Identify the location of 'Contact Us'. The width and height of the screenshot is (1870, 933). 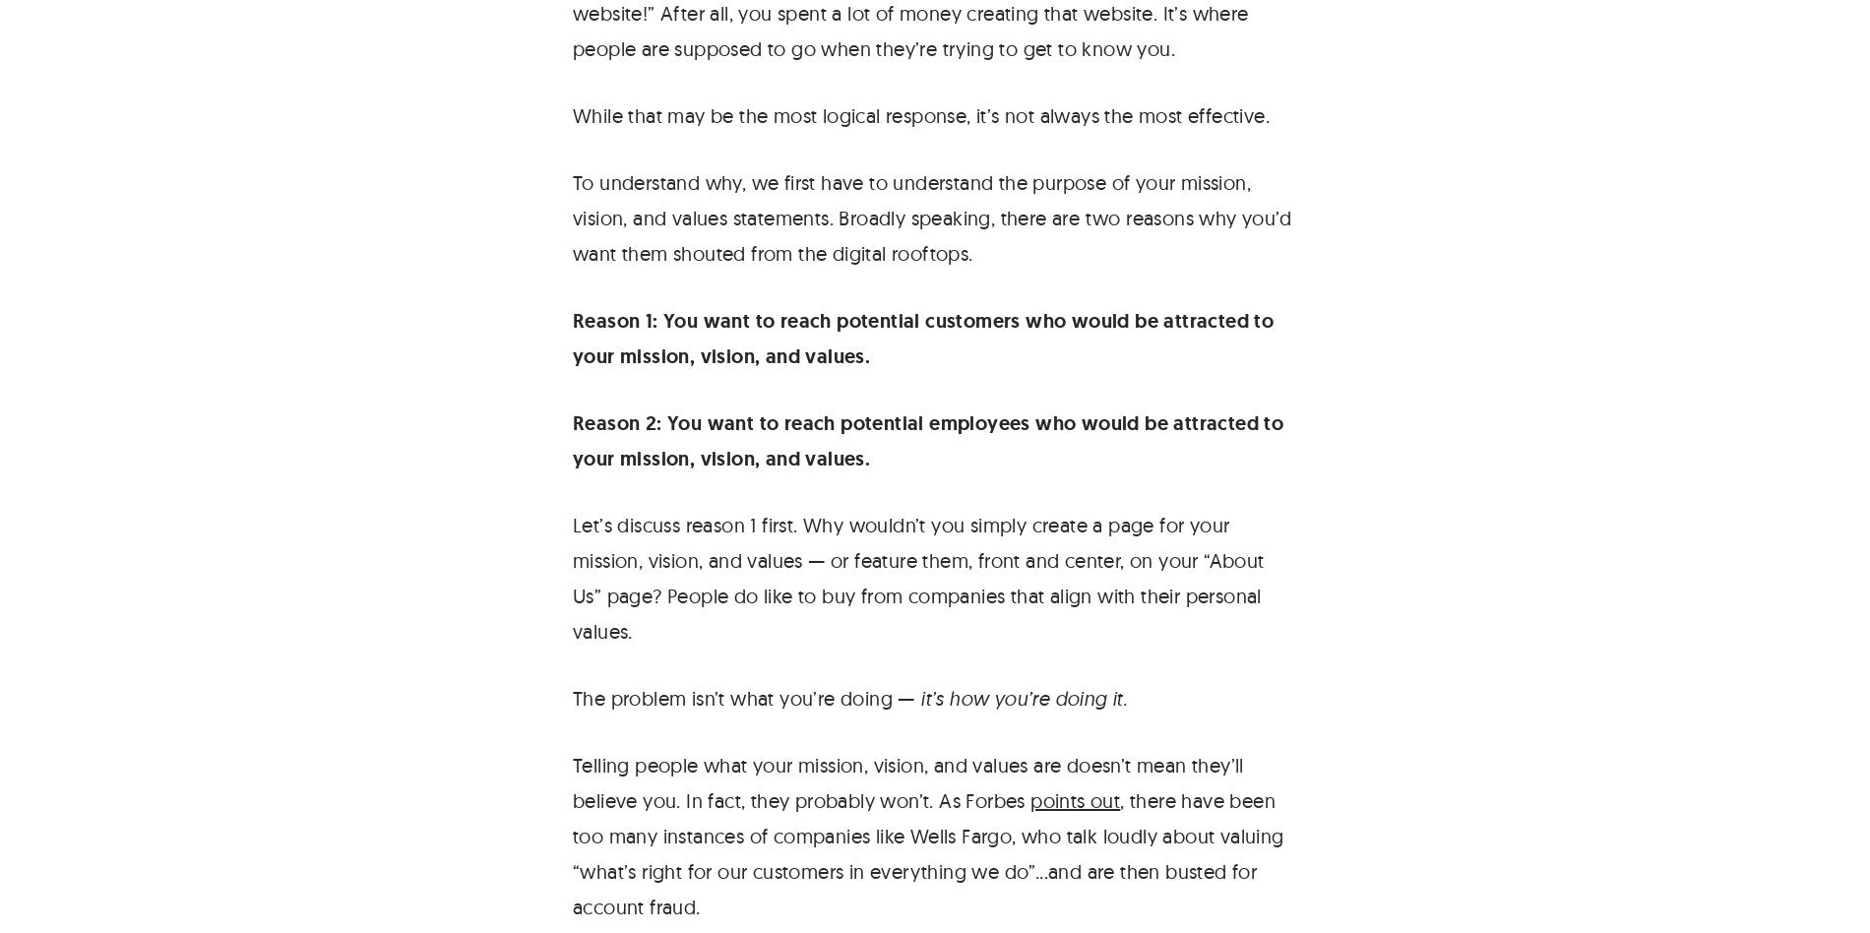
(99, 14).